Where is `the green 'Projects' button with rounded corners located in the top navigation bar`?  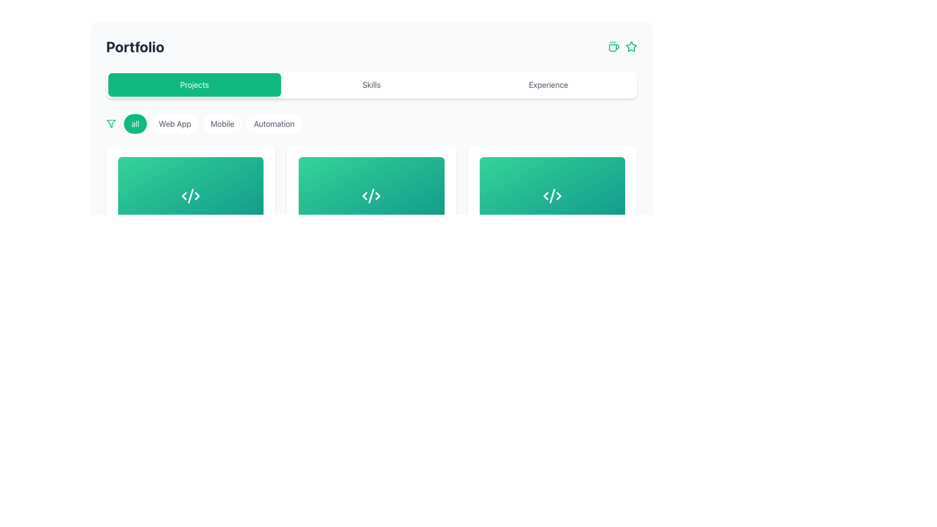
the green 'Projects' button with rounded corners located in the top navigation bar is located at coordinates (194, 84).